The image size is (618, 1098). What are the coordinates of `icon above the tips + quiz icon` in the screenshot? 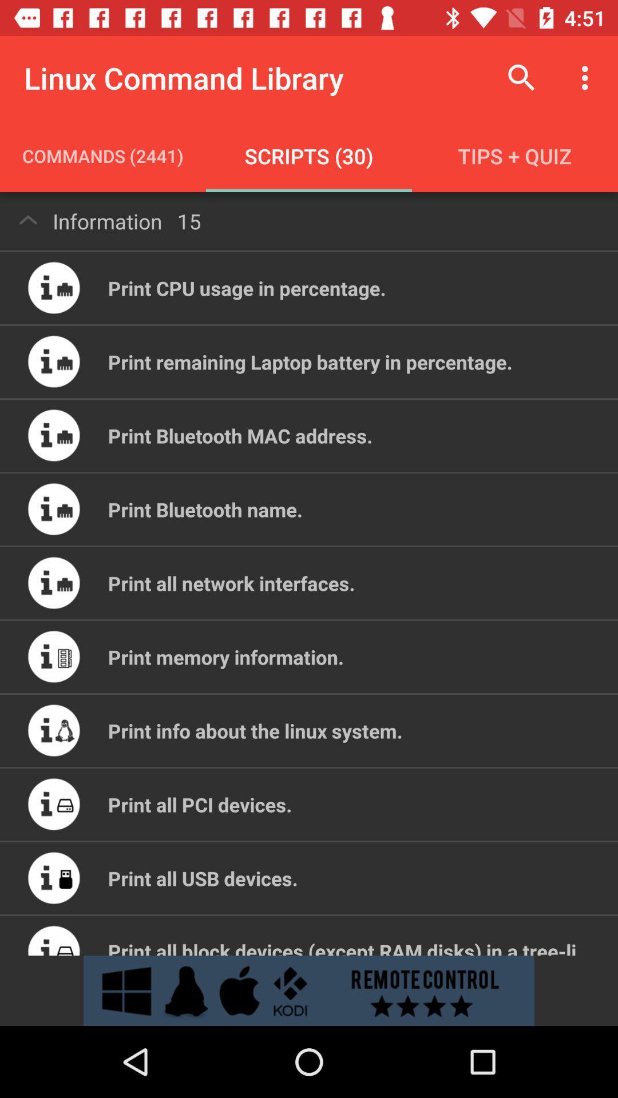 It's located at (521, 77).